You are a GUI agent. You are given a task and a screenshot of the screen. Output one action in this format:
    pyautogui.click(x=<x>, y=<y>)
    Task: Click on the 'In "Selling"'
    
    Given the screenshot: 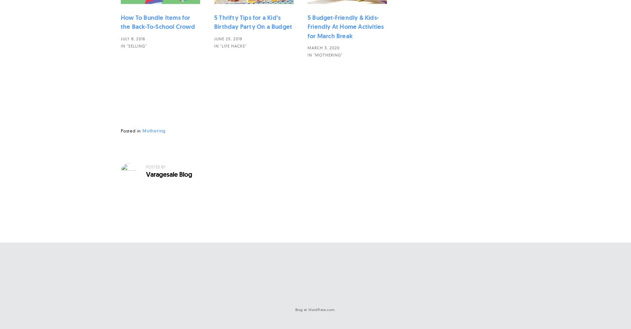 What is the action you would take?
    pyautogui.click(x=134, y=45)
    